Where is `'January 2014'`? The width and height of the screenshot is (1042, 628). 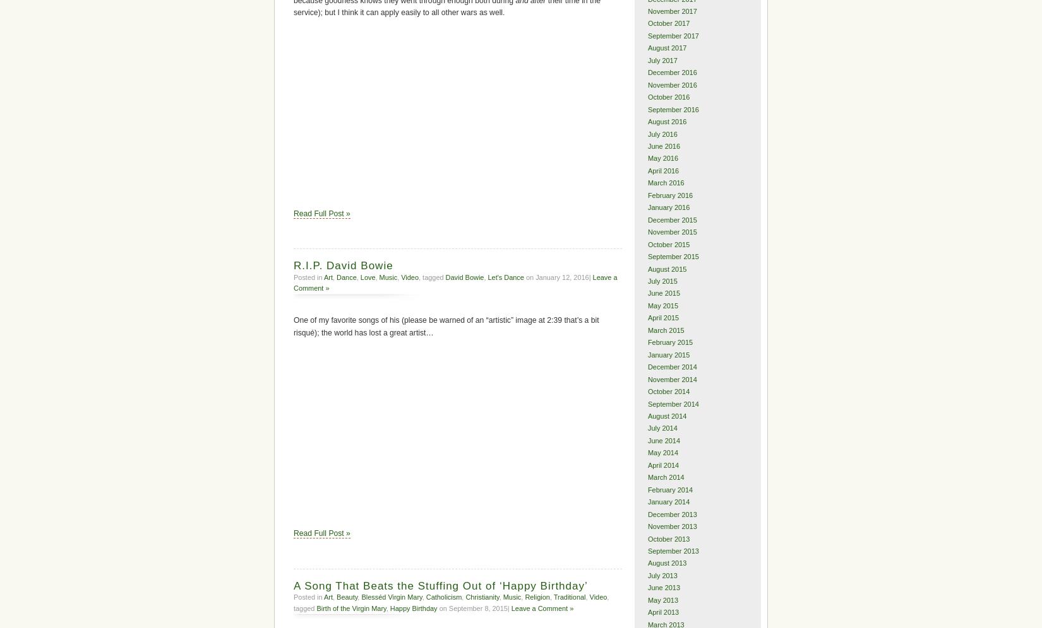 'January 2014' is located at coordinates (647, 501).